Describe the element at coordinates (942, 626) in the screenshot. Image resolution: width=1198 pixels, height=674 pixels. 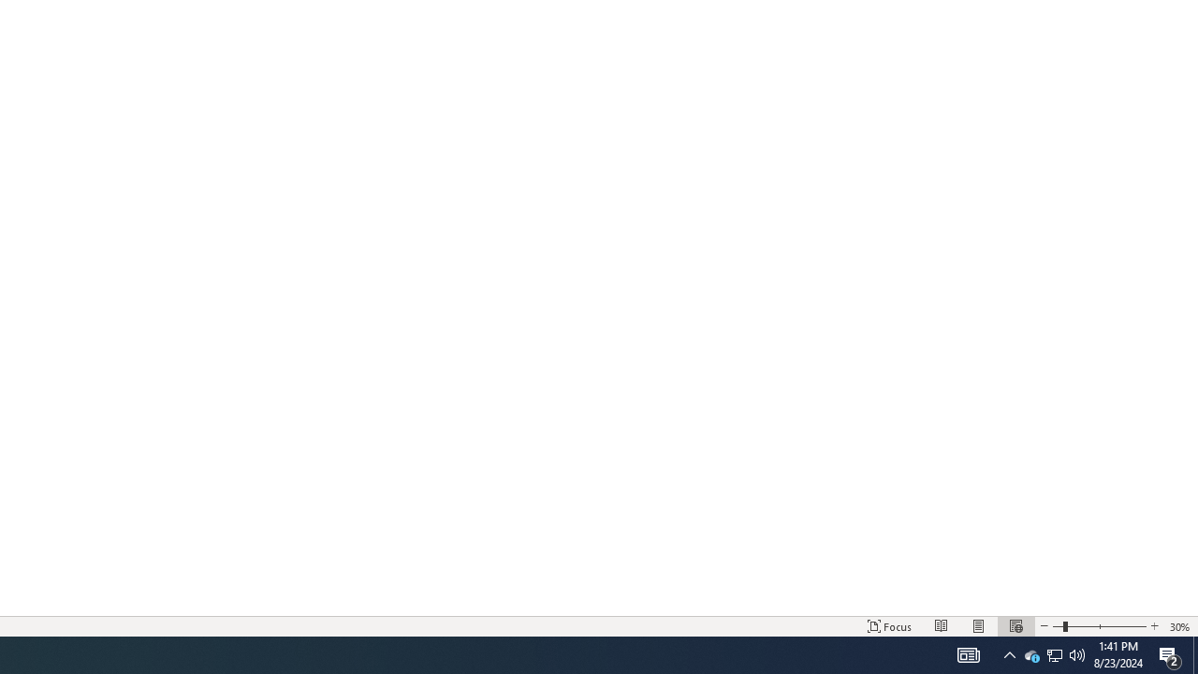
I see `'Read Mode'` at that location.